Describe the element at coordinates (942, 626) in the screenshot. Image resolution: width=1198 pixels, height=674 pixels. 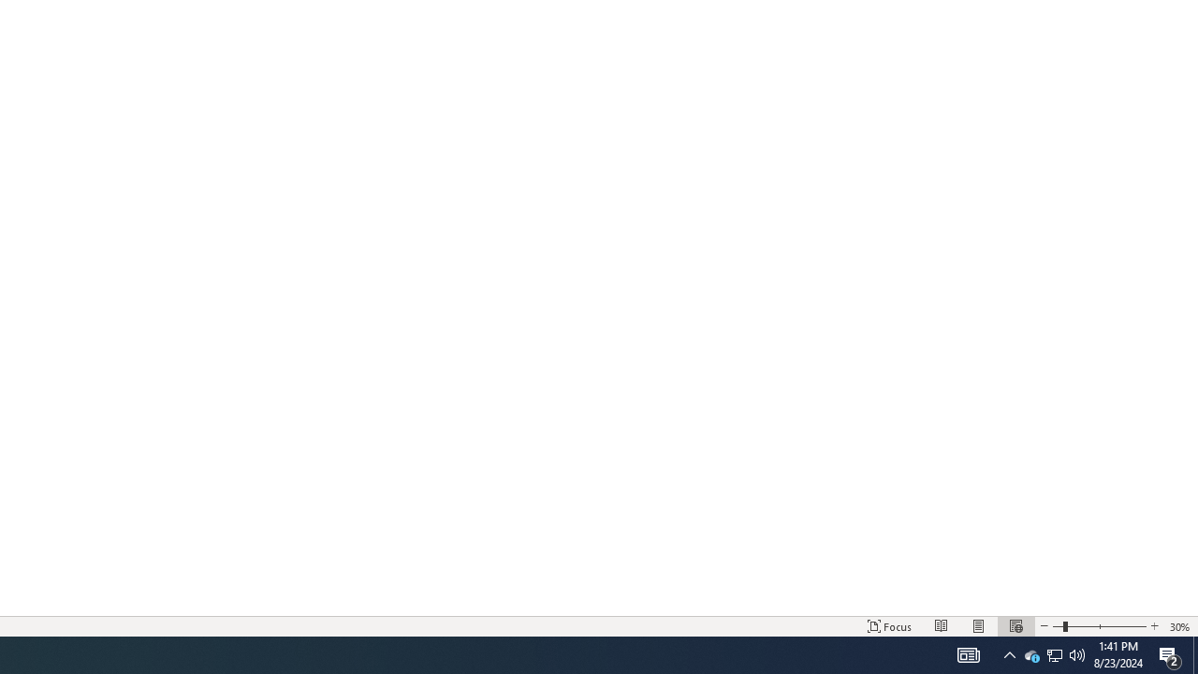
I see `'Read Mode'` at that location.